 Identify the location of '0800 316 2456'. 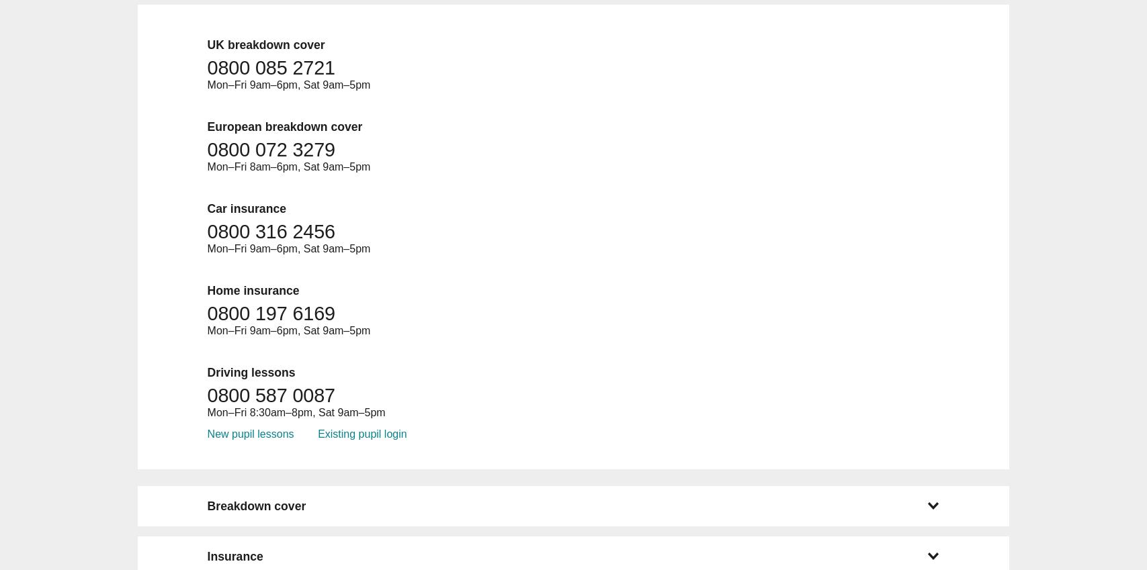
(271, 231).